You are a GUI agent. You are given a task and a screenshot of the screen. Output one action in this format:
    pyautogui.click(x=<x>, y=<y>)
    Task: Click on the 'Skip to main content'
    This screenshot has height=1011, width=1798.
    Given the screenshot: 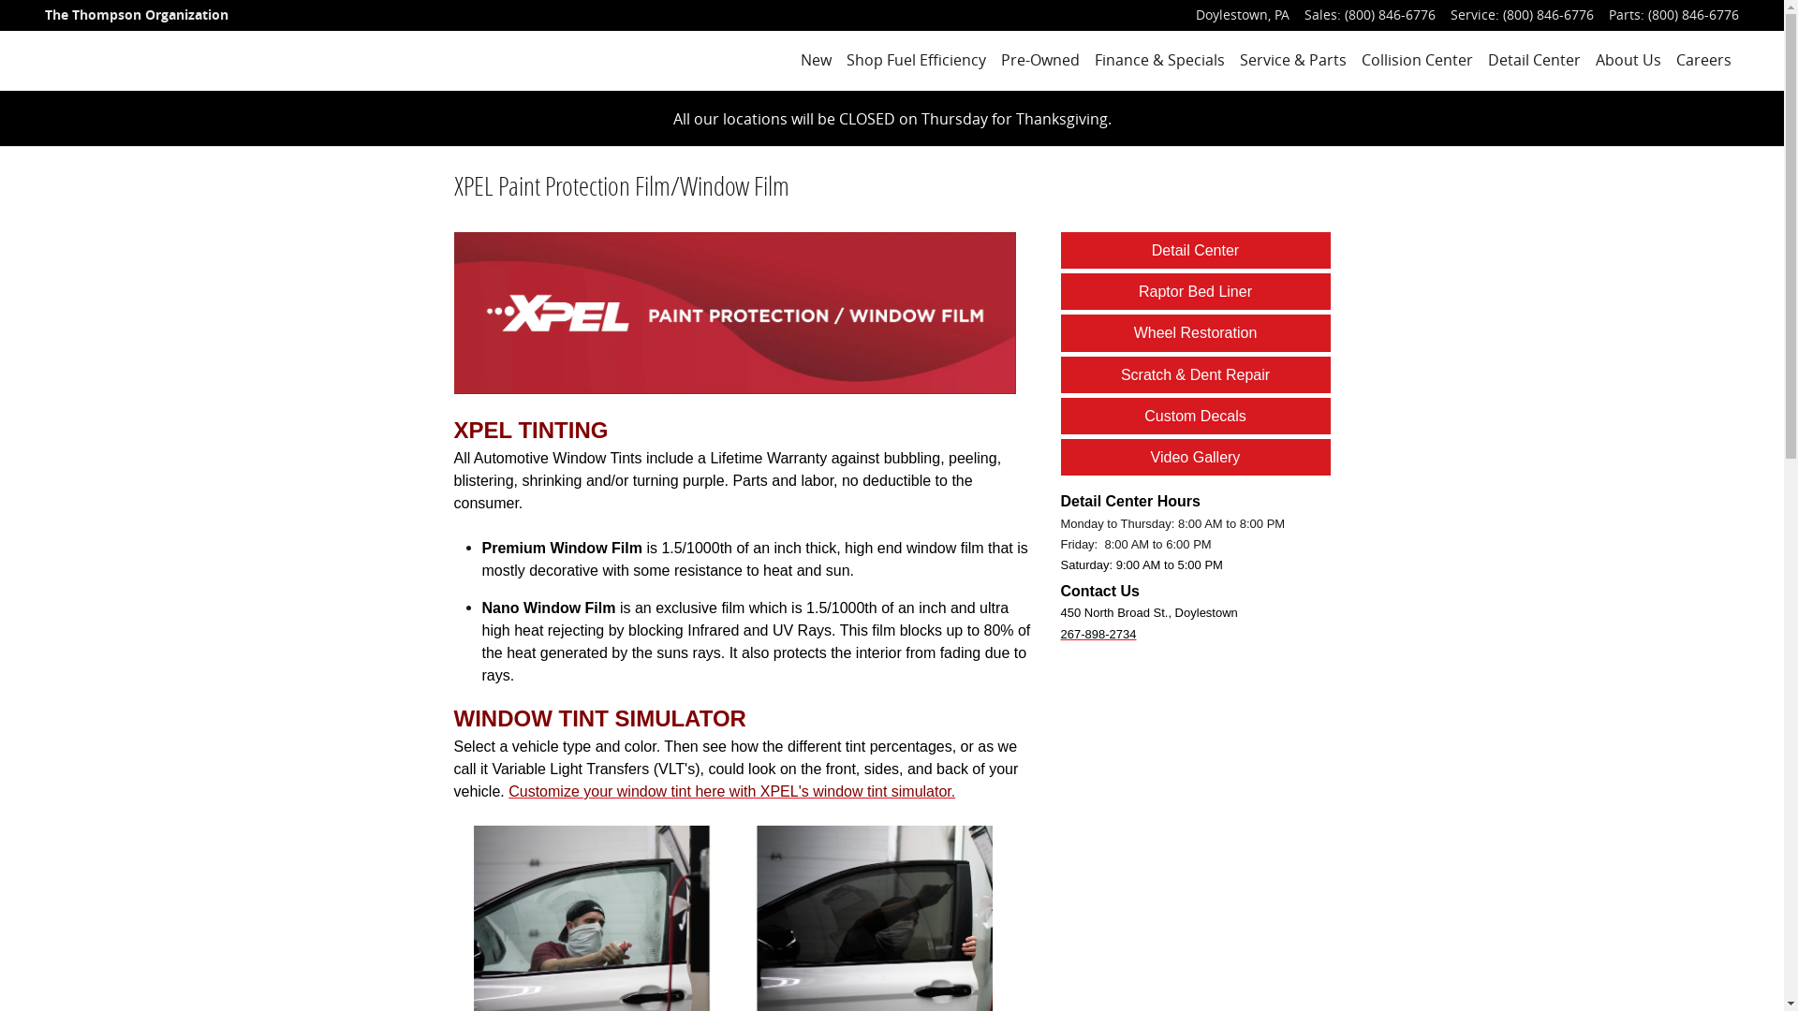 What is the action you would take?
    pyautogui.click(x=0, y=0)
    